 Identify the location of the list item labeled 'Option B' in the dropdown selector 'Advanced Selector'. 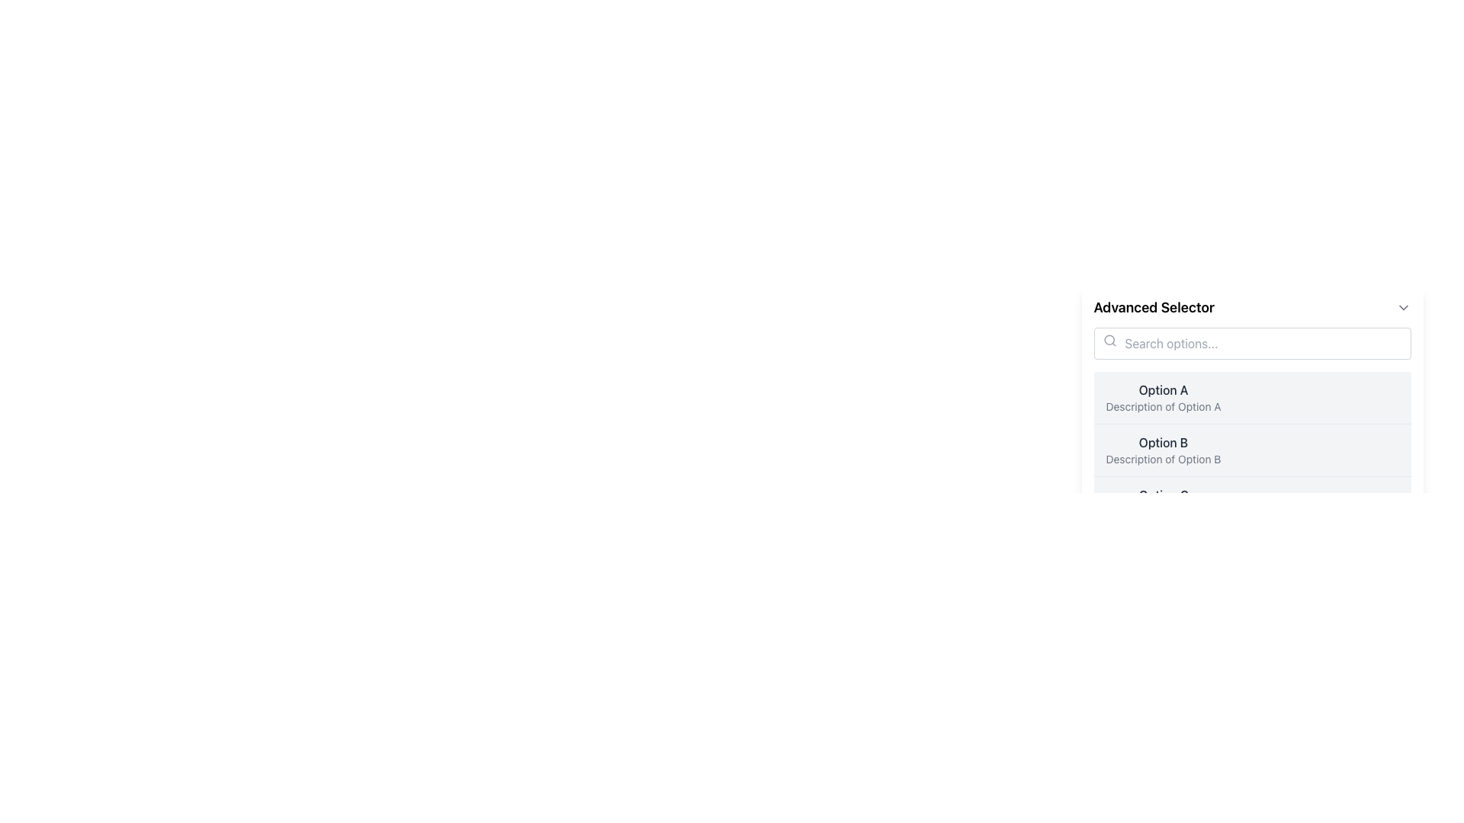
(1163, 449).